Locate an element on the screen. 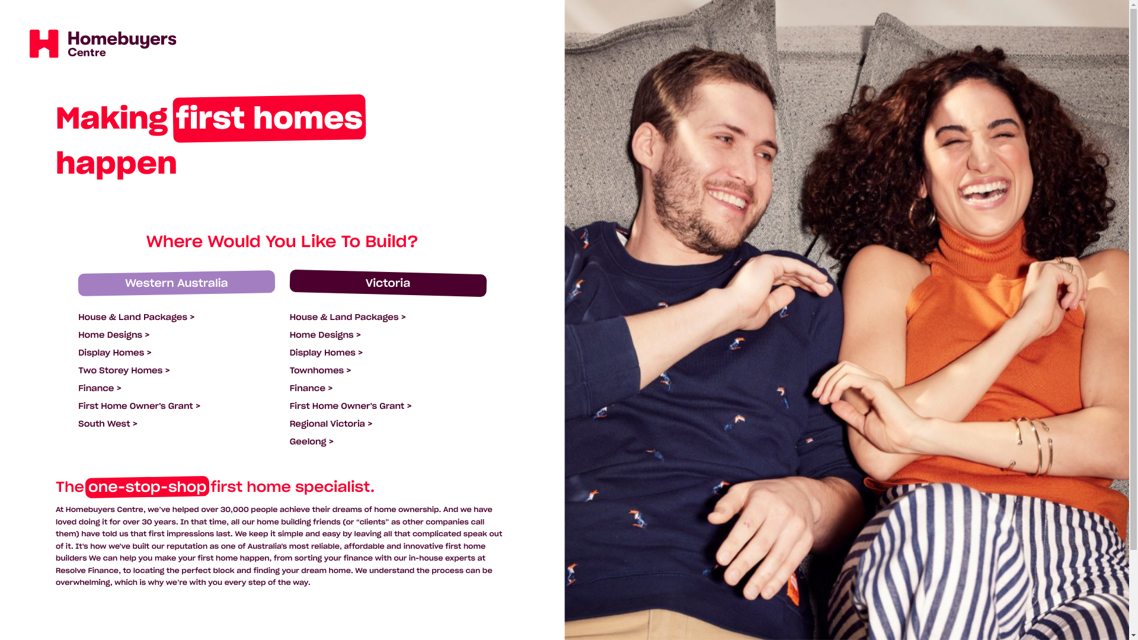 The width and height of the screenshot is (1138, 640). 'First Home Owner's Grant >' is located at coordinates (139, 405).